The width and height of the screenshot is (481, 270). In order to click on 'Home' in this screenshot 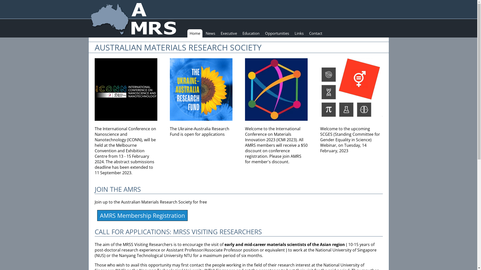, I will do `click(194, 33)`.